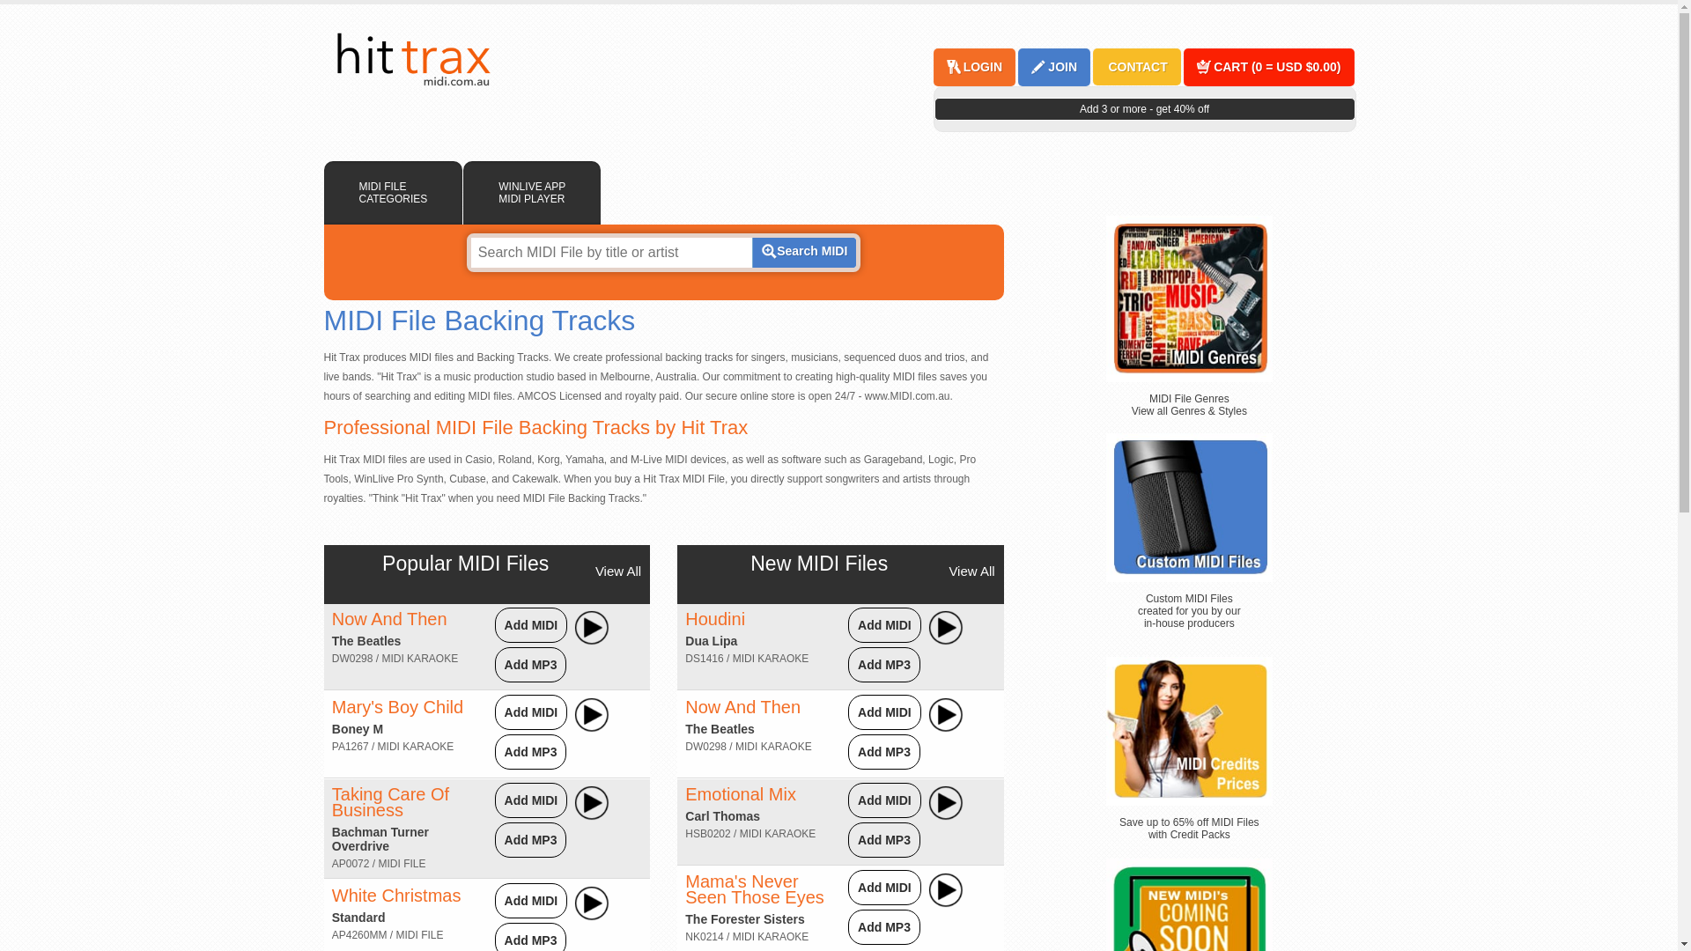  What do you see at coordinates (530, 900) in the screenshot?
I see `'Add MIDI'` at bounding box center [530, 900].